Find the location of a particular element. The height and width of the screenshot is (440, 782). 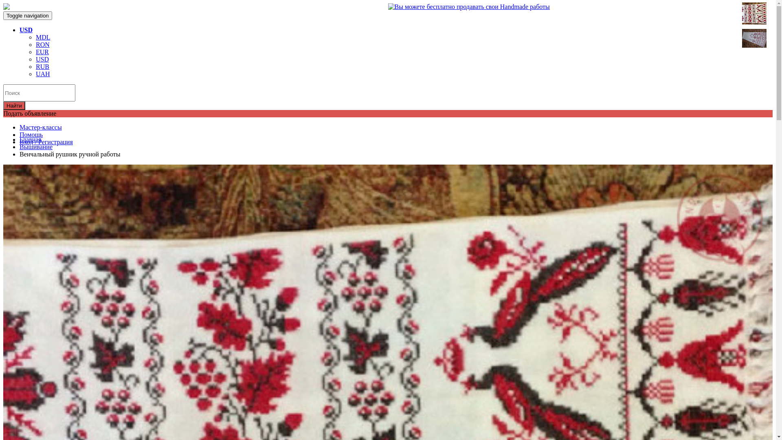

'USD' is located at coordinates (26, 29).